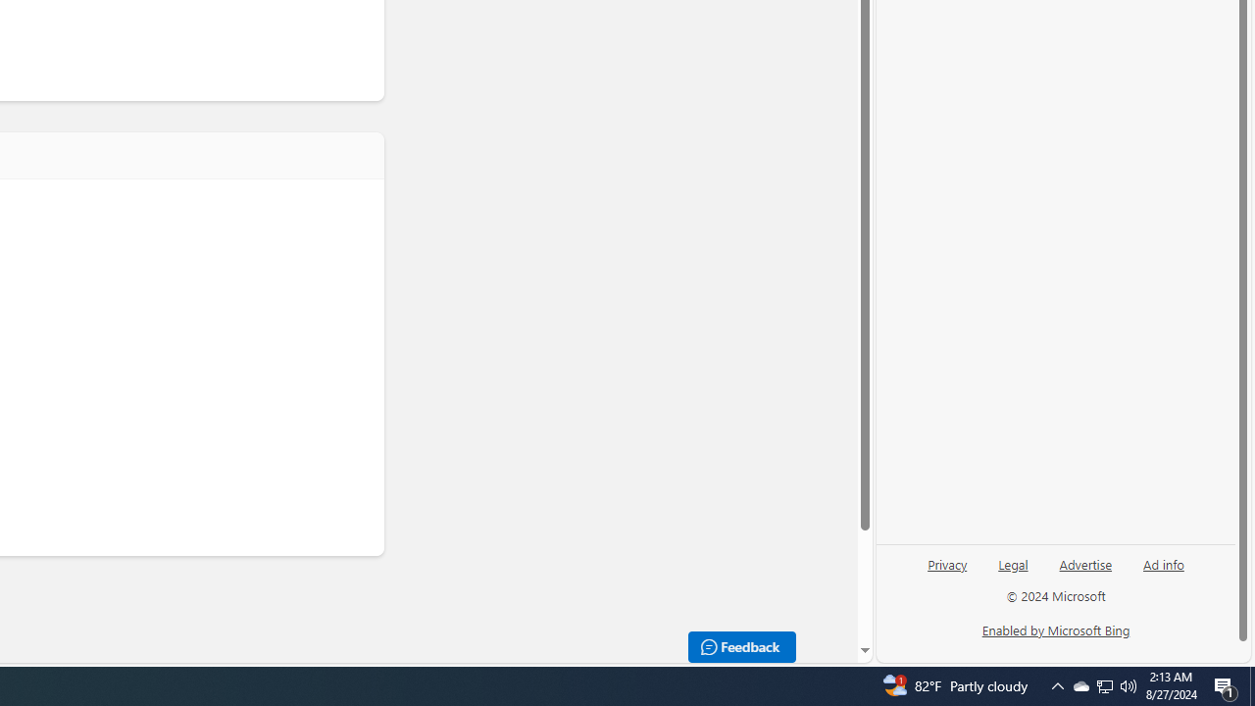 The width and height of the screenshot is (1255, 706). Describe the element at coordinates (1163, 572) in the screenshot. I see `'Ad info'` at that location.